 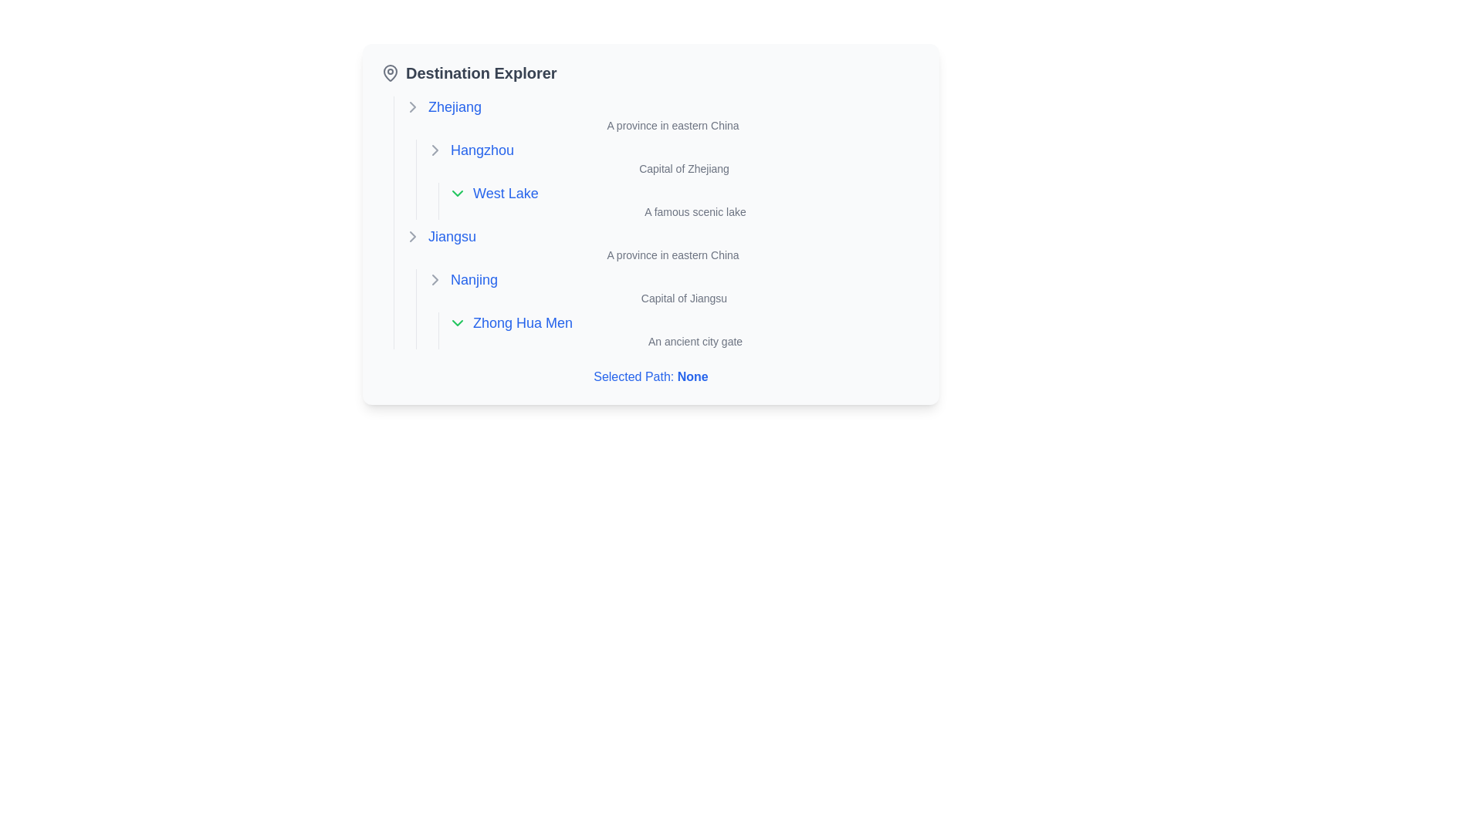 I want to click on the text display block that shows 'Zhong Hua Men' and 'An ancient city gate' located in the 'Destination Explorer' panel under the 'Nanjing' subsection, so click(x=679, y=329).